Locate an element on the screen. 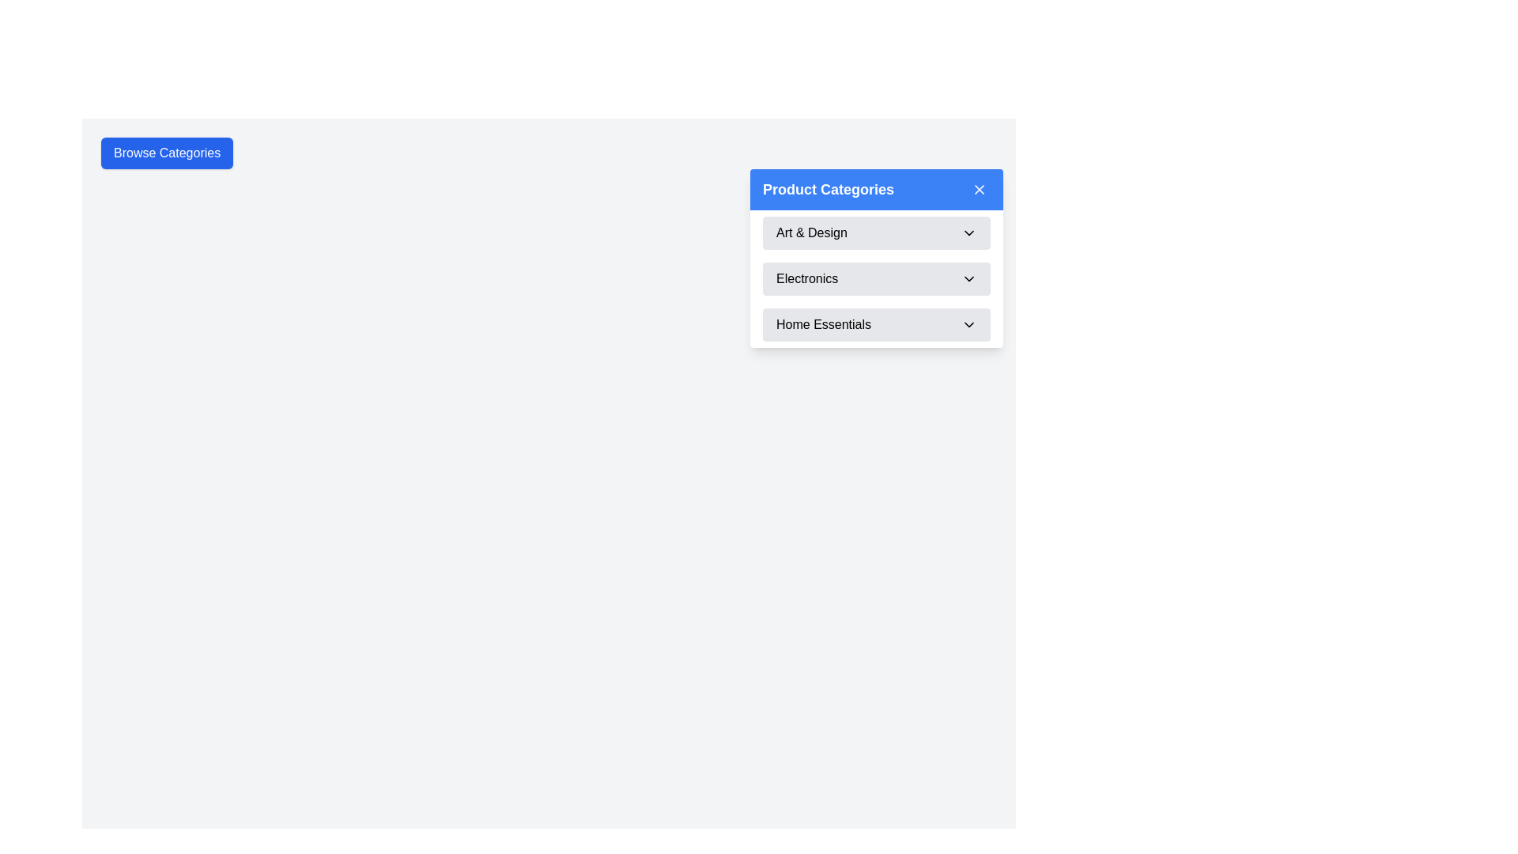  the 'Home Essentials' dropdown item is located at coordinates (875, 324).